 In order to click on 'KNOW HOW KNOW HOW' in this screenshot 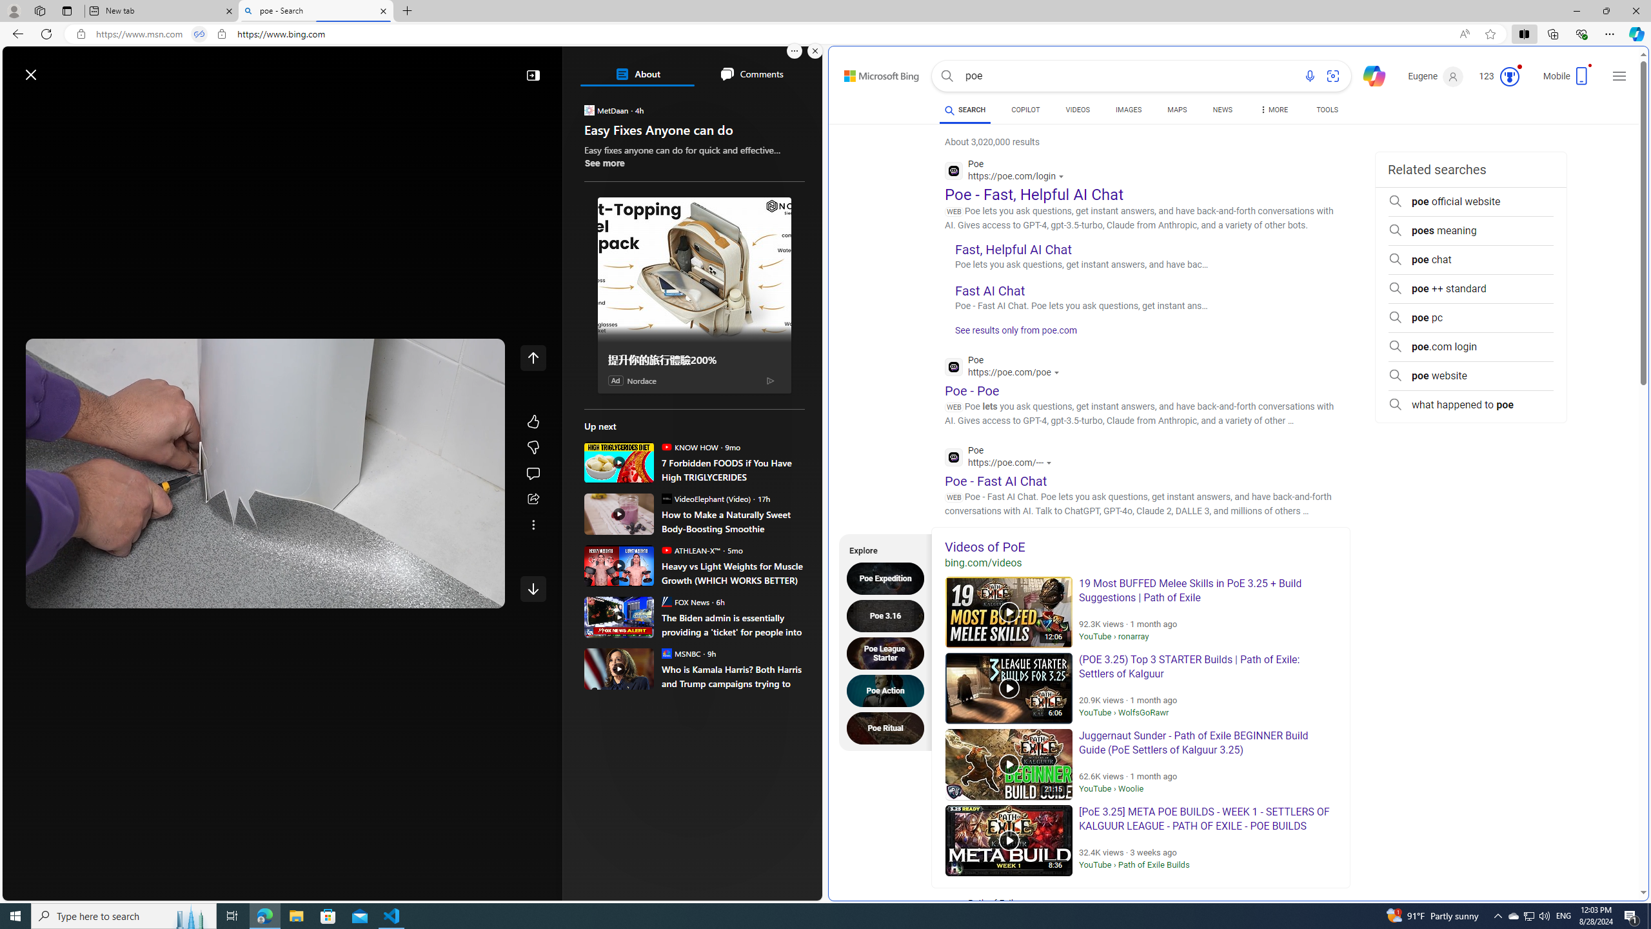, I will do `click(689, 446)`.